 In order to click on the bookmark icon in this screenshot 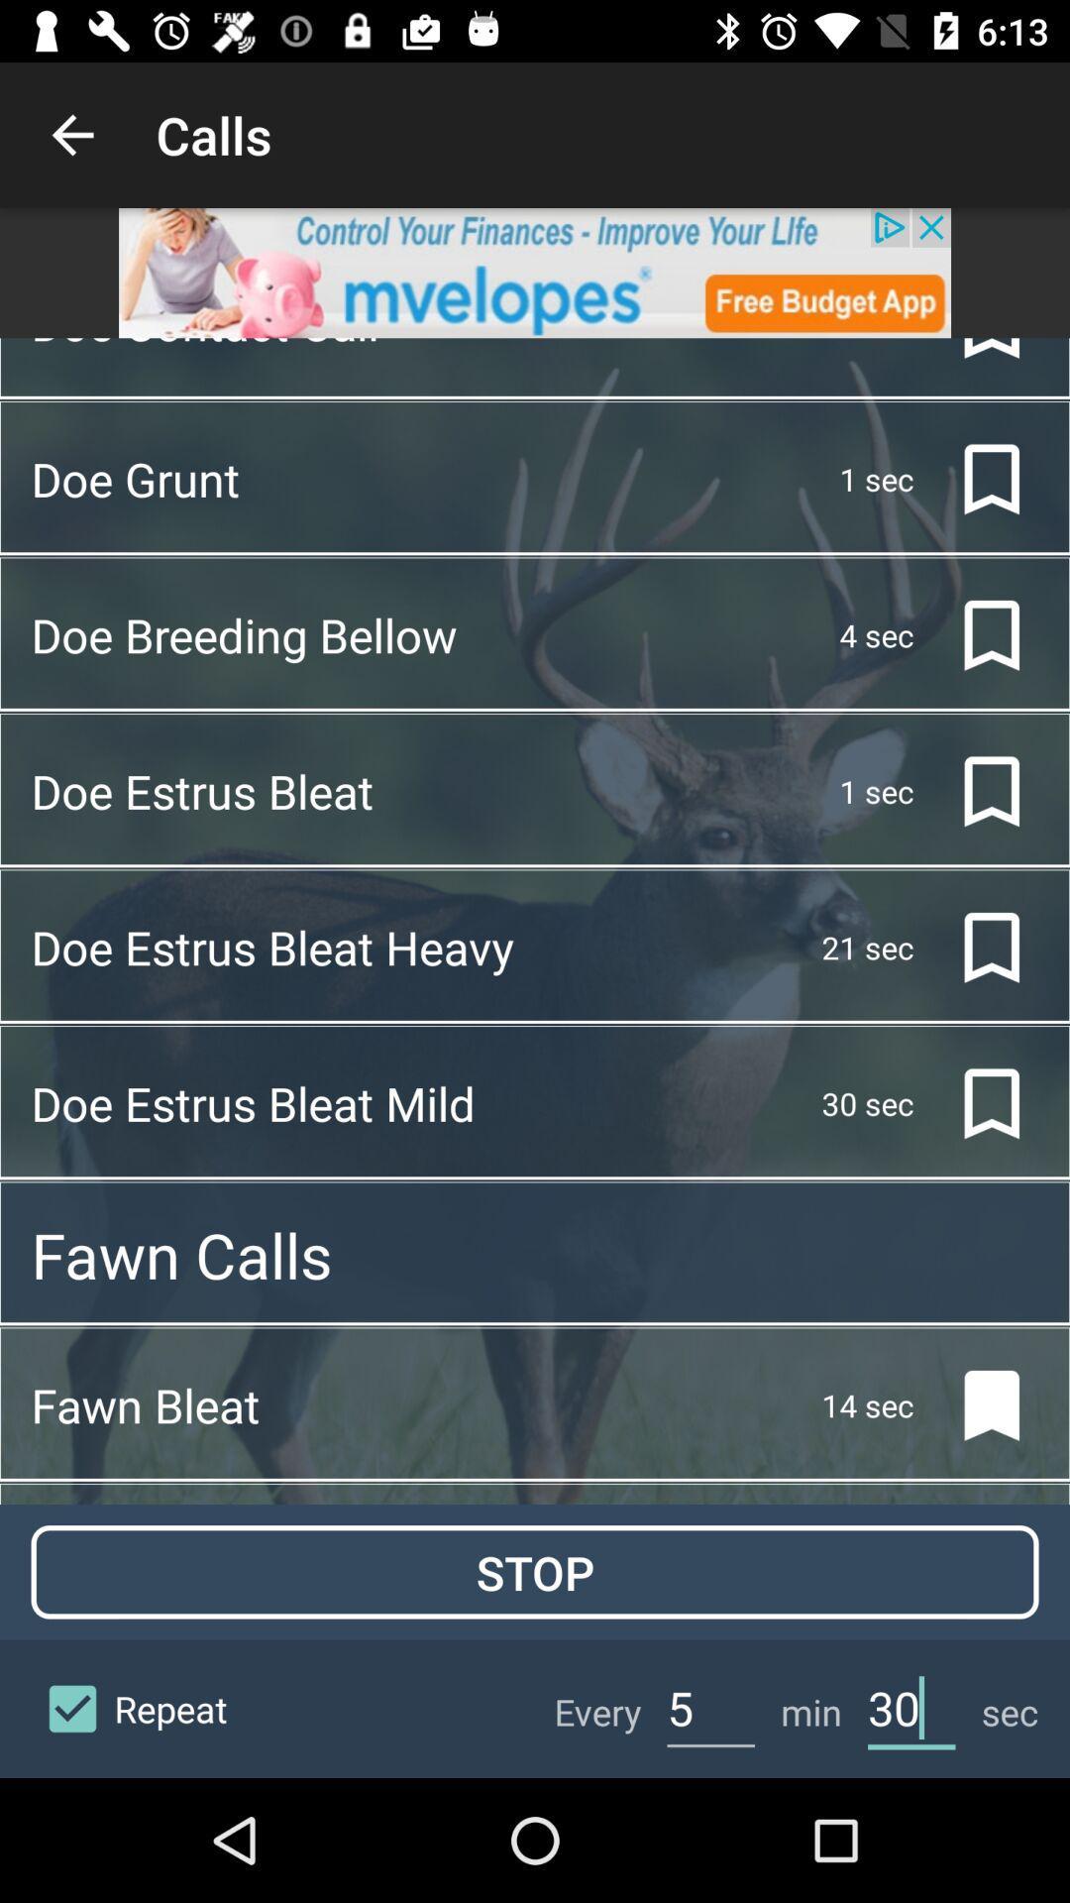, I will do `click(975, 1404)`.